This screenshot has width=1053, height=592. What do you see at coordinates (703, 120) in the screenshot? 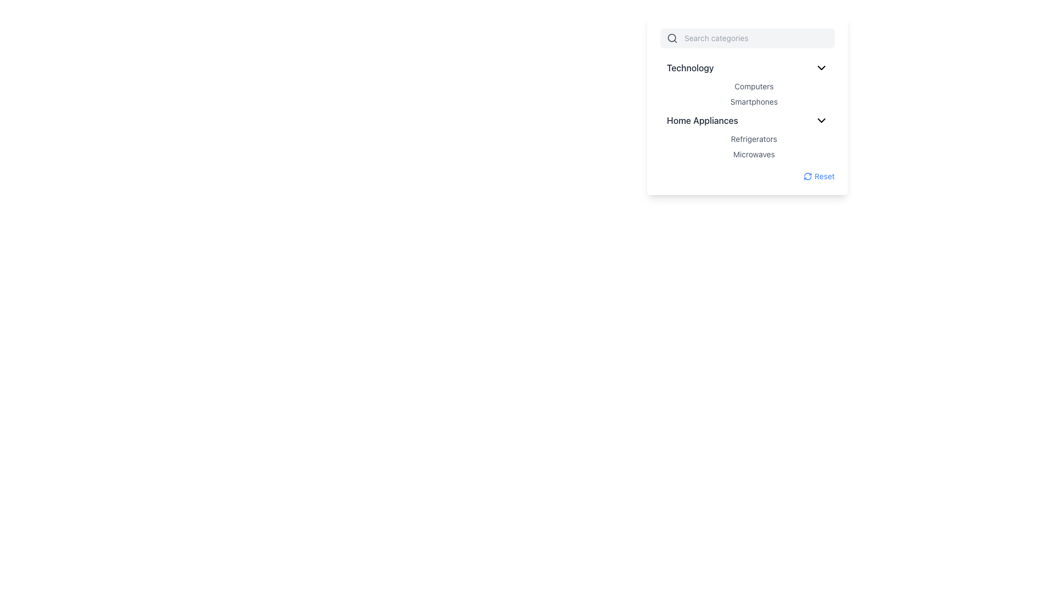
I see `the 'Home Appliances' text label within the 'Technology' category in the dropdown menu` at bounding box center [703, 120].